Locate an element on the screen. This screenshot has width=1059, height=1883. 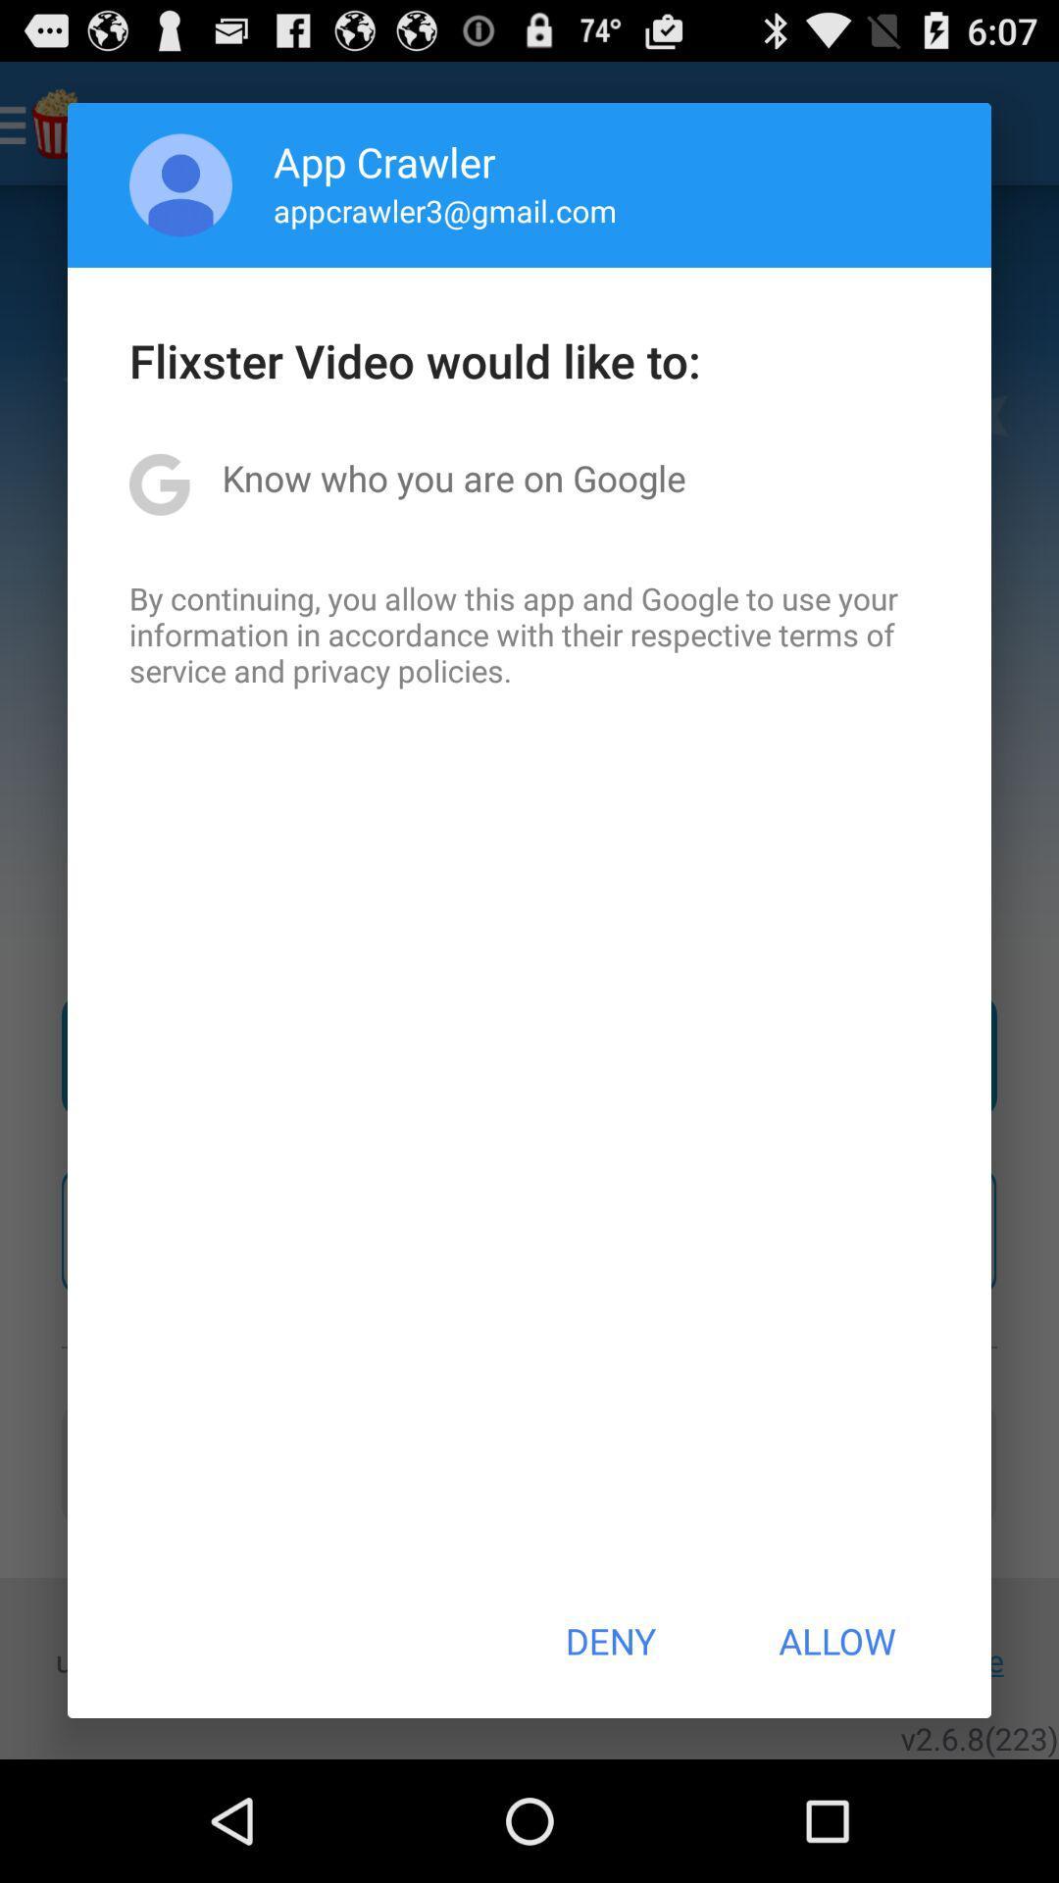
the button to the left of the allow icon is located at coordinates (609, 1641).